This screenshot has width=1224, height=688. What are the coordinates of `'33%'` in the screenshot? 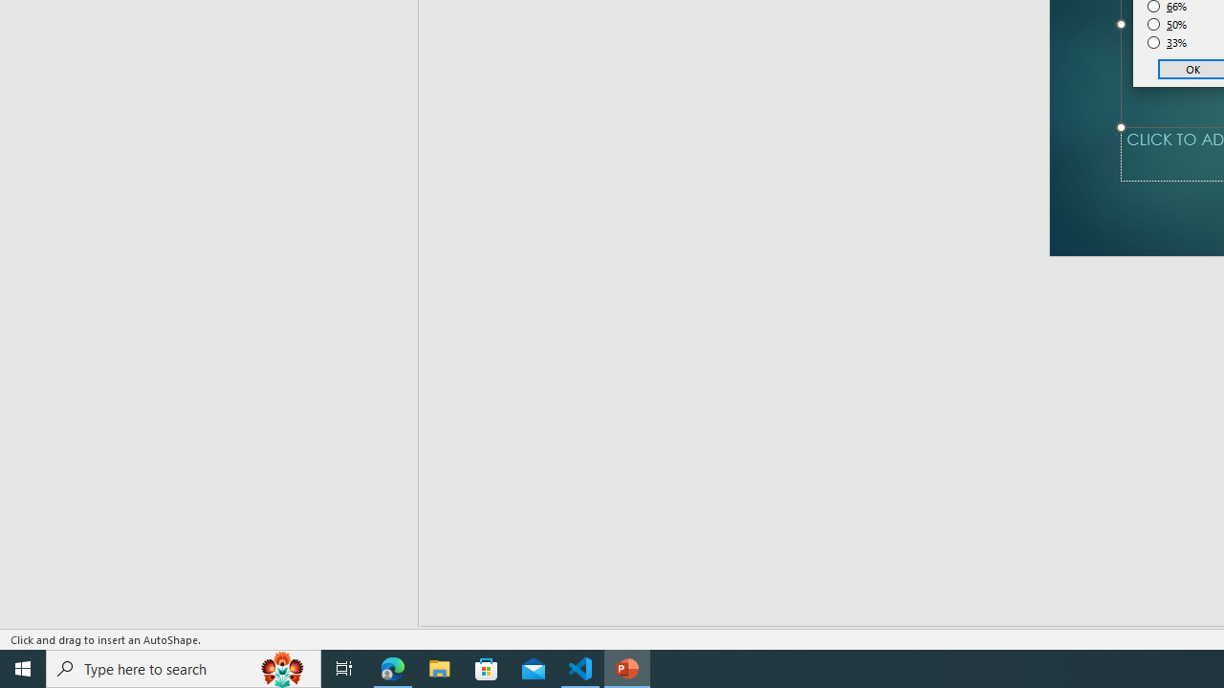 It's located at (1167, 43).